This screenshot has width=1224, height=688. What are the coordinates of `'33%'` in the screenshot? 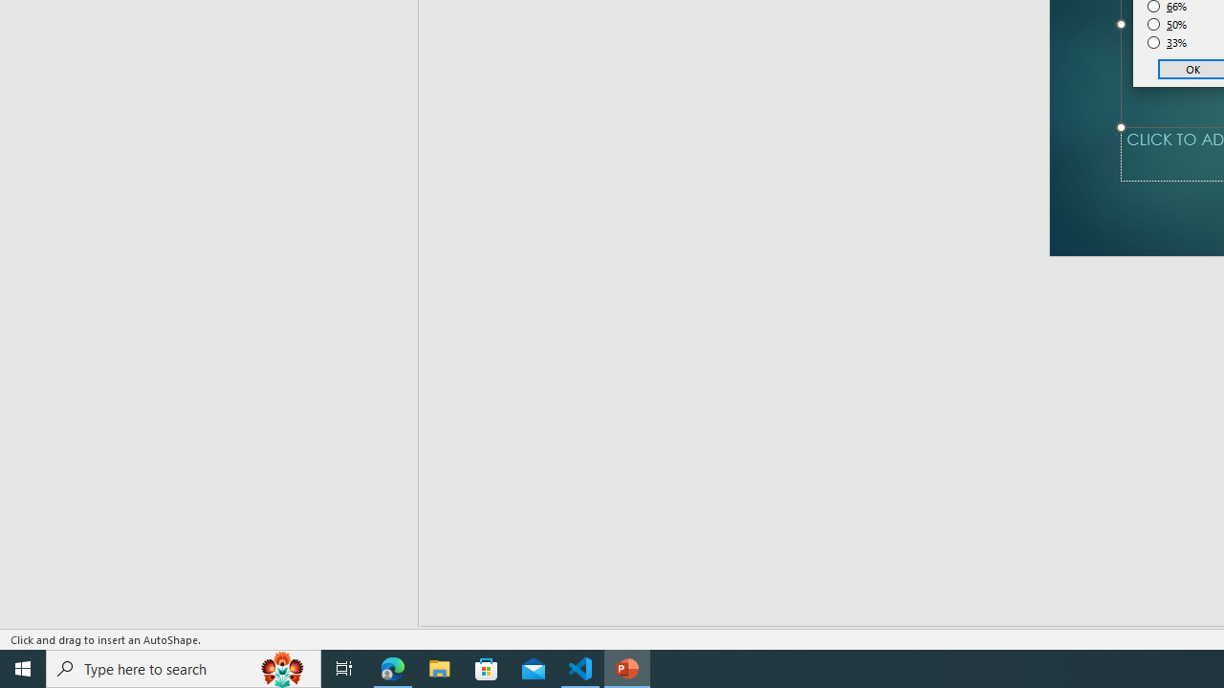 It's located at (1167, 43).